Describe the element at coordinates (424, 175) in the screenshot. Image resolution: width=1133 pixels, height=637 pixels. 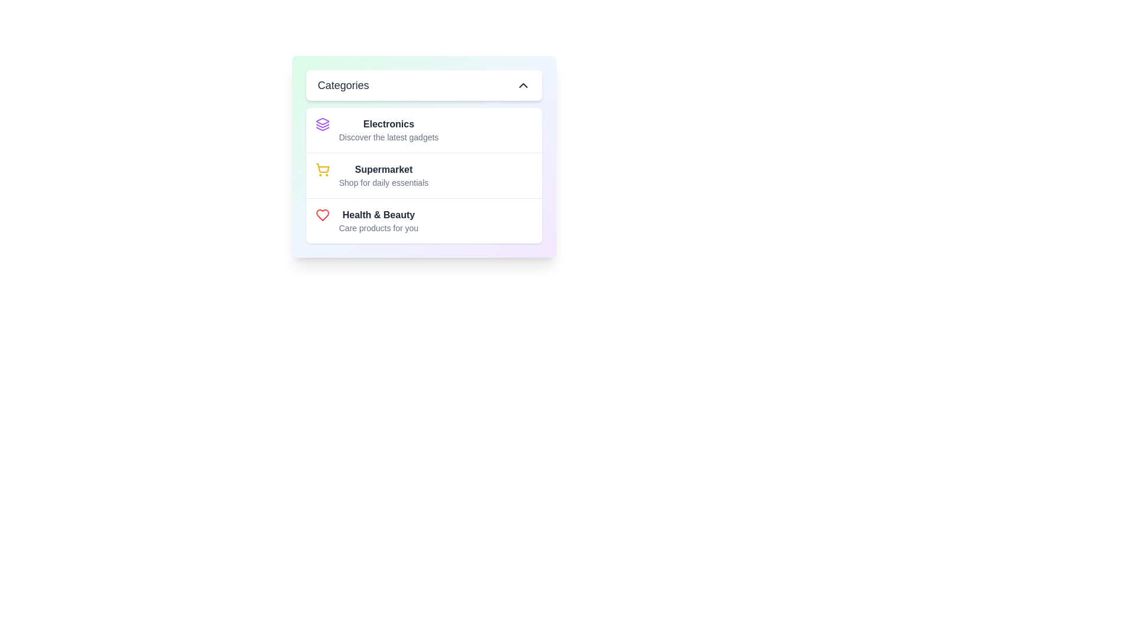
I see `the 'Supermarket' card-like item in the categories list` at that location.